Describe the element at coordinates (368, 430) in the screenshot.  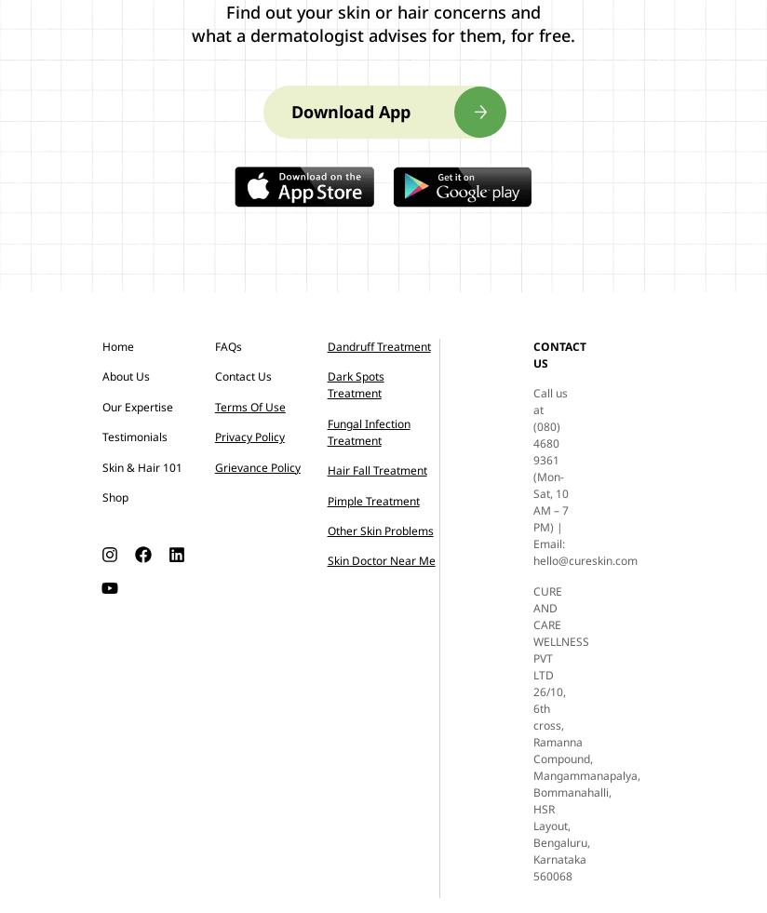
I see `'Fungal Infection Treatment'` at that location.